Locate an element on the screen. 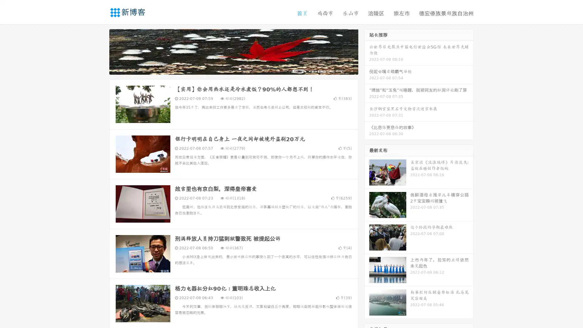 This screenshot has width=583, height=328. Previous slide is located at coordinates (100, 51).